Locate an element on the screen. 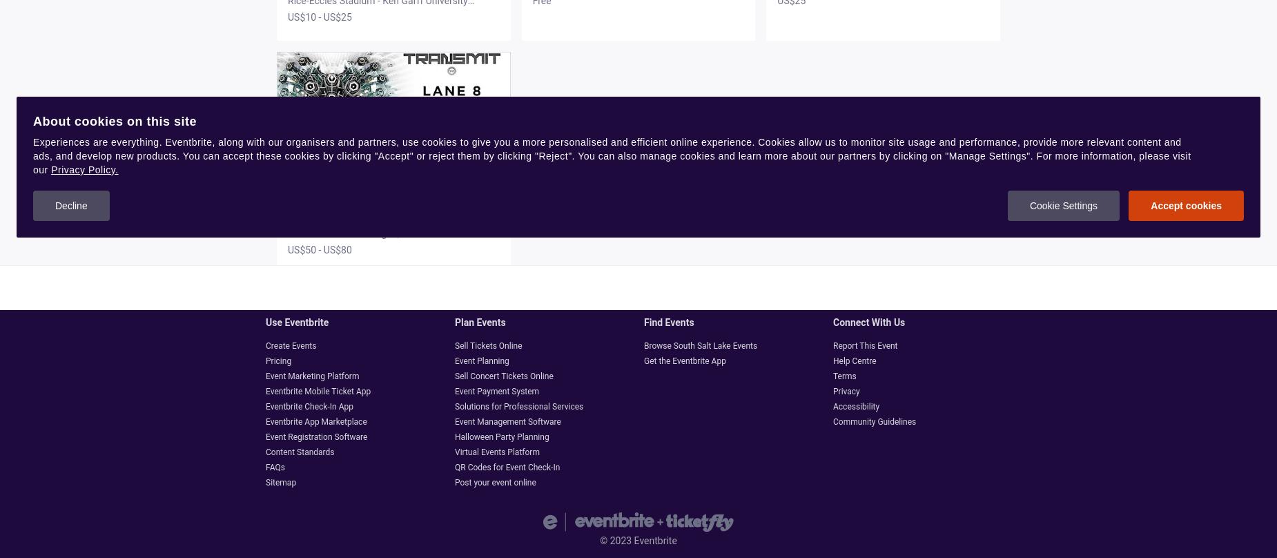 The height and width of the screenshot is (558, 1277). 'Event Management Software' is located at coordinates (507, 422).